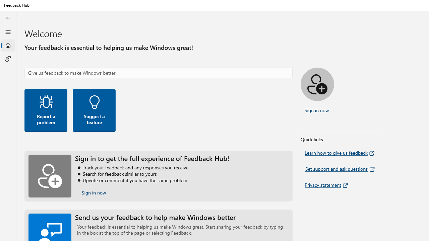 This screenshot has width=429, height=241. What do you see at coordinates (340, 169) in the screenshot?
I see `'Get support and ask questions'` at bounding box center [340, 169].